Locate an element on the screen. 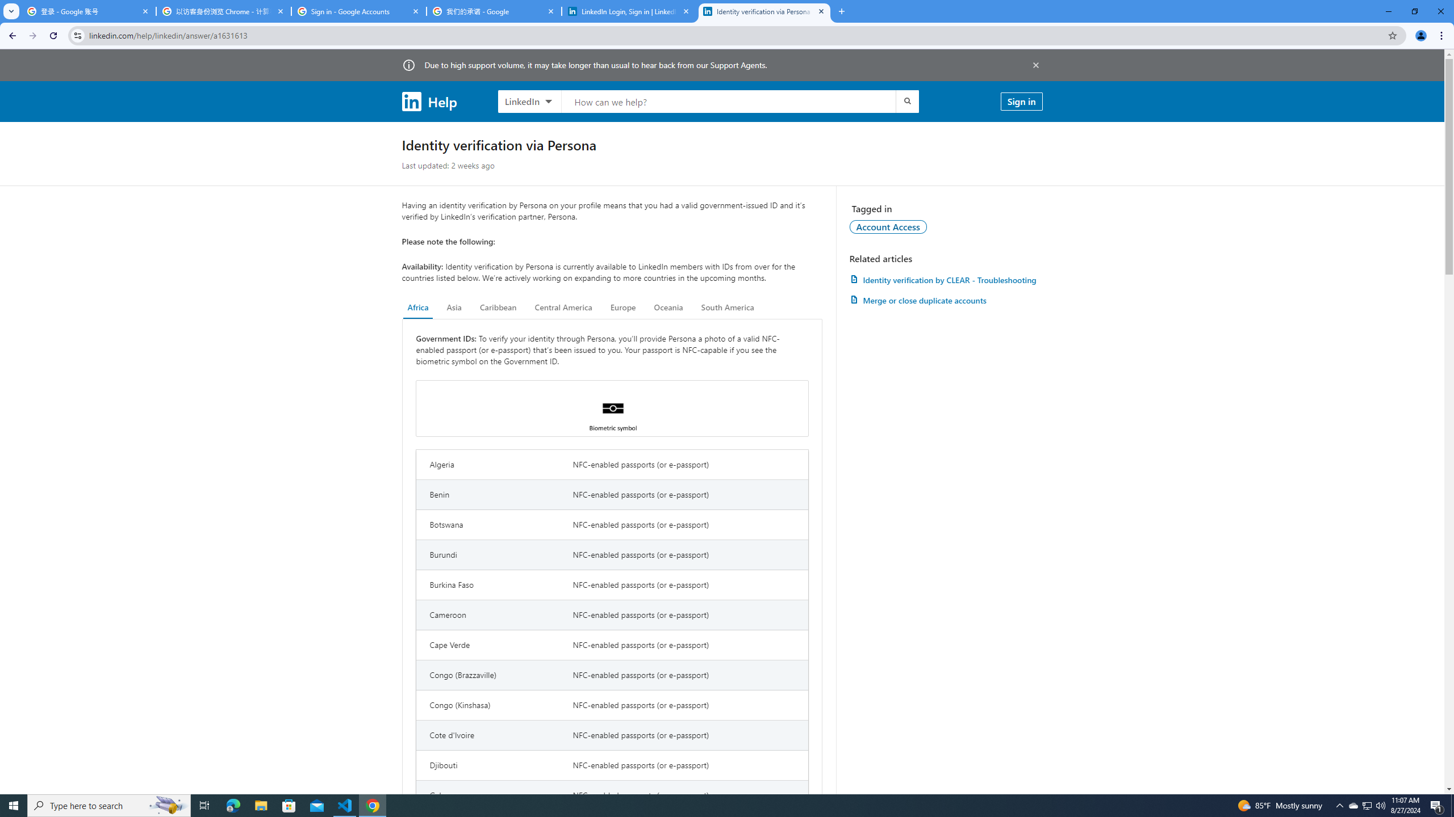  'South America' is located at coordinates (727, 307).